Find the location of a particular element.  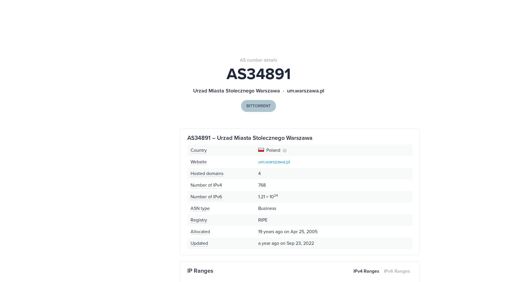

'ITI NEOVISION SPOLKA AKCYJNA' is located at coordinates (359, 28).